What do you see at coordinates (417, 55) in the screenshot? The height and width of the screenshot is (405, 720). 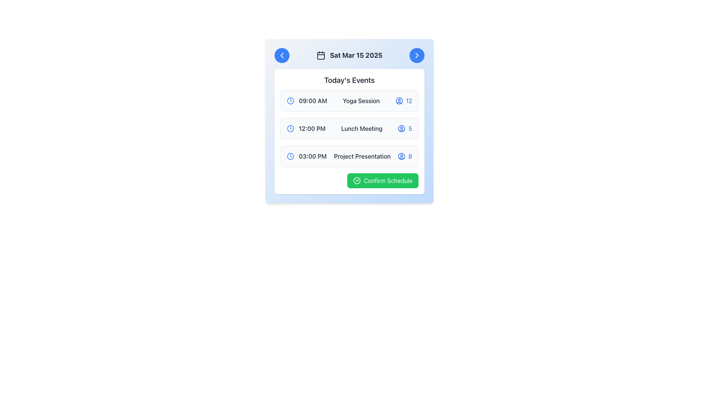 I see `the small, circular blue button with a white chevron icon` at bounding box center [417, 55].